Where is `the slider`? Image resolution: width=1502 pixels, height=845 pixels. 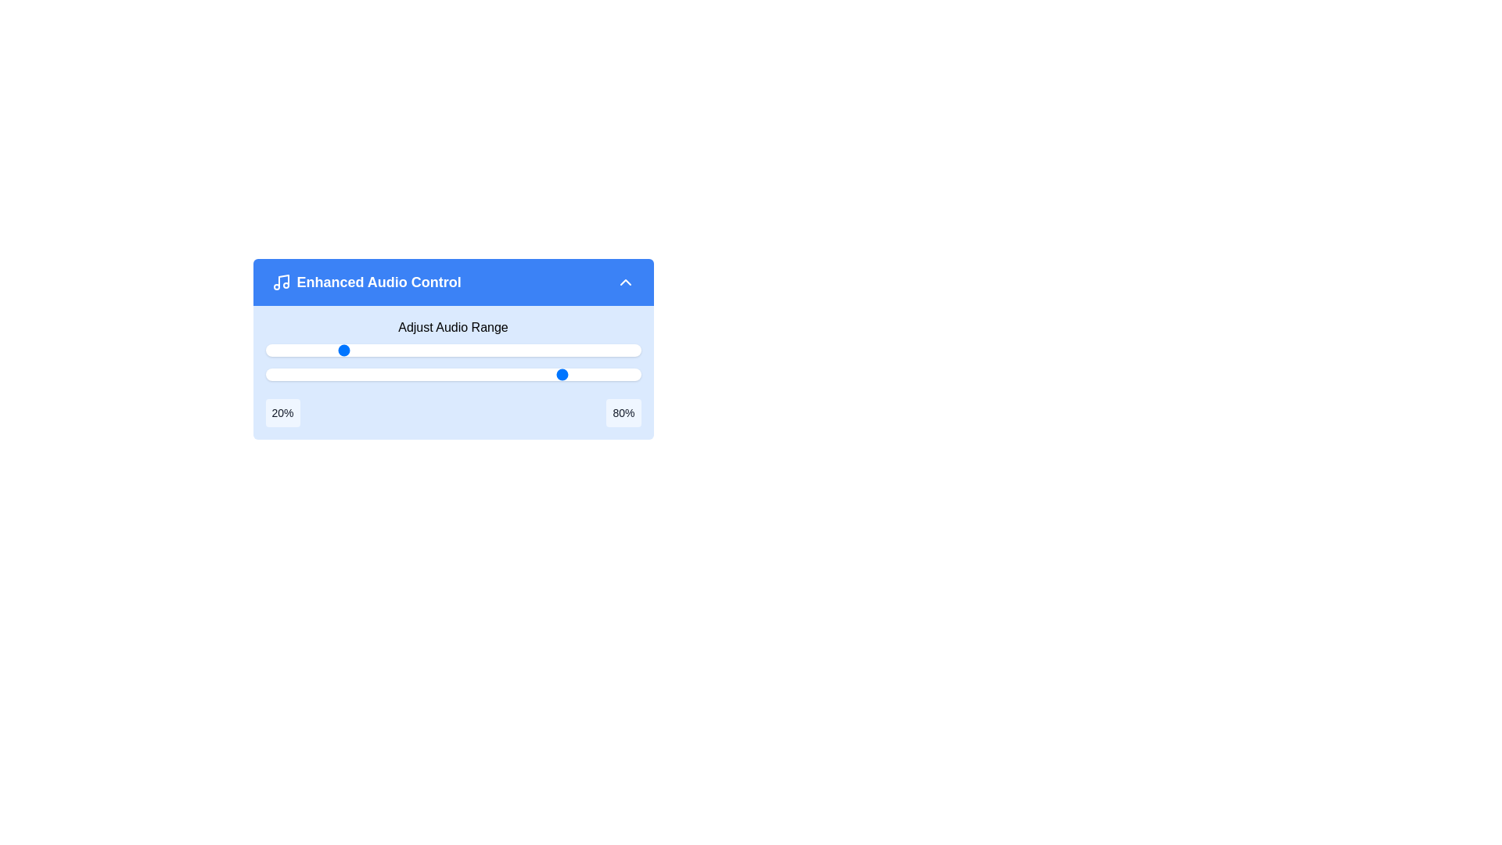
the slider is located at coordinates (280, 374).